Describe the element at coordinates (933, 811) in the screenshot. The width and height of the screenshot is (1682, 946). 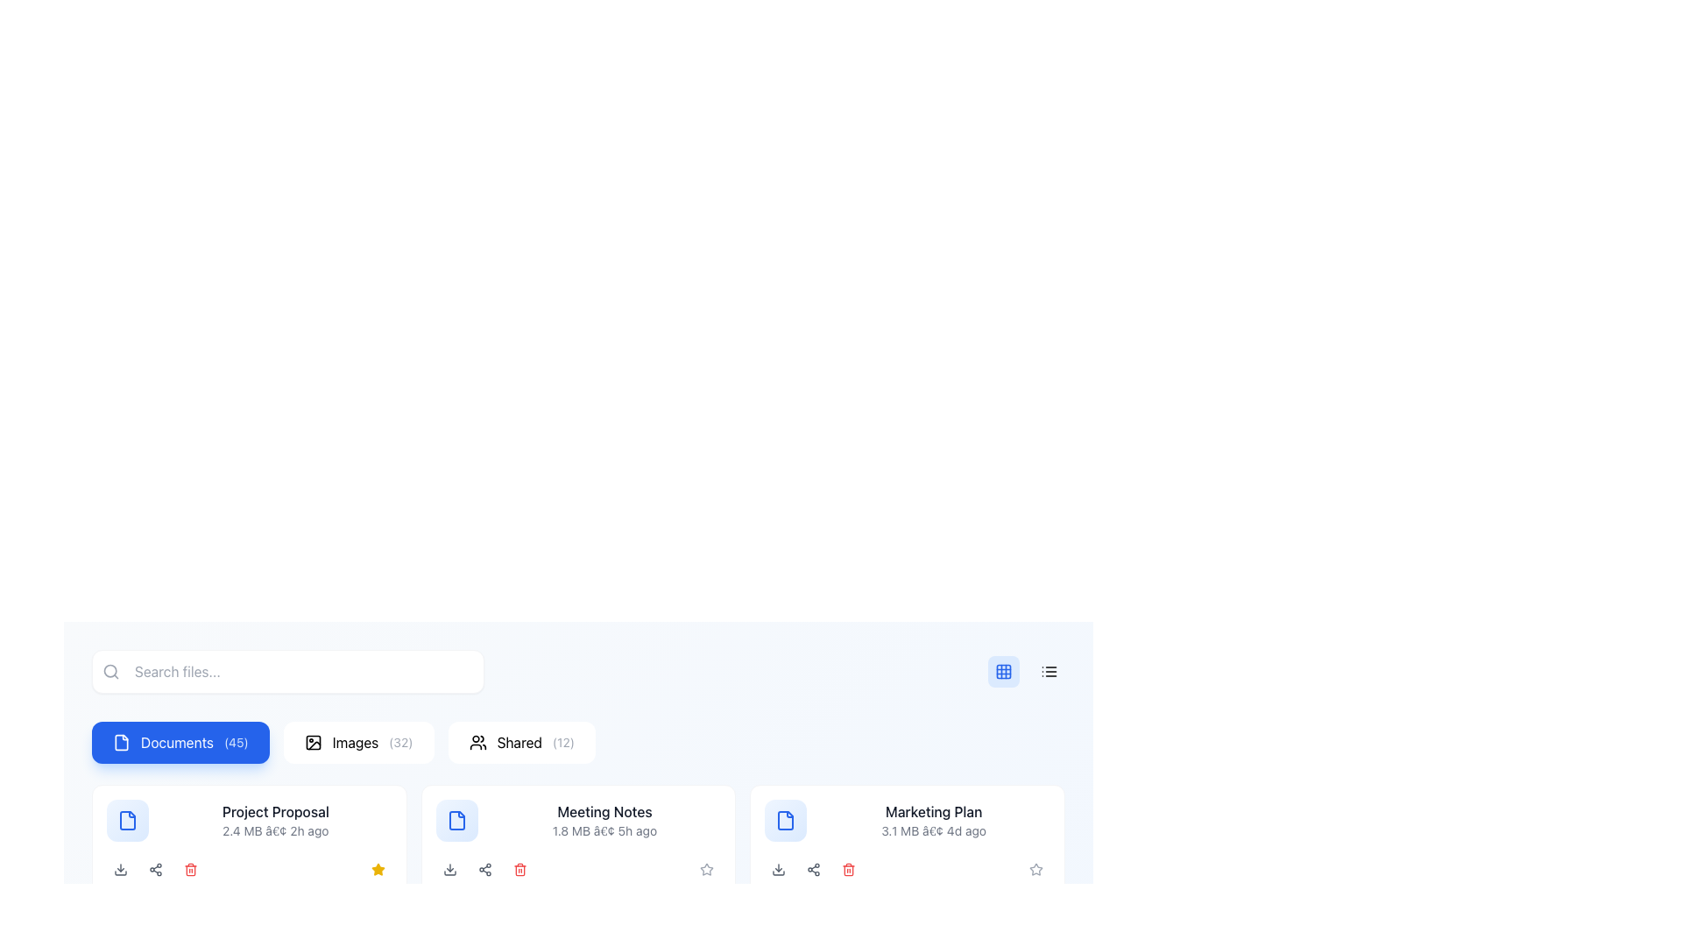
I see `the text label that serves as the title of a document in the file management interface, located in the bottom row of the file view, above the smaller text '3.1 MB • 4d ago'` at that location.